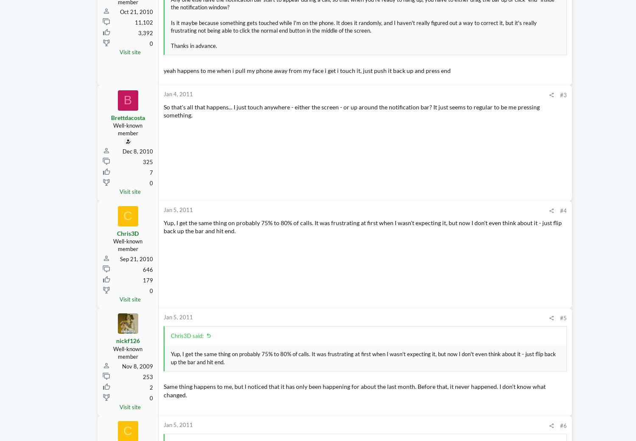 Image resolution: width=636 pixels, height=441 pixels. Describe the element at coordinates (560, 381) in the screenshot. I see `'Can't transfer between Pixel 7 and Windows PC'` at that location.